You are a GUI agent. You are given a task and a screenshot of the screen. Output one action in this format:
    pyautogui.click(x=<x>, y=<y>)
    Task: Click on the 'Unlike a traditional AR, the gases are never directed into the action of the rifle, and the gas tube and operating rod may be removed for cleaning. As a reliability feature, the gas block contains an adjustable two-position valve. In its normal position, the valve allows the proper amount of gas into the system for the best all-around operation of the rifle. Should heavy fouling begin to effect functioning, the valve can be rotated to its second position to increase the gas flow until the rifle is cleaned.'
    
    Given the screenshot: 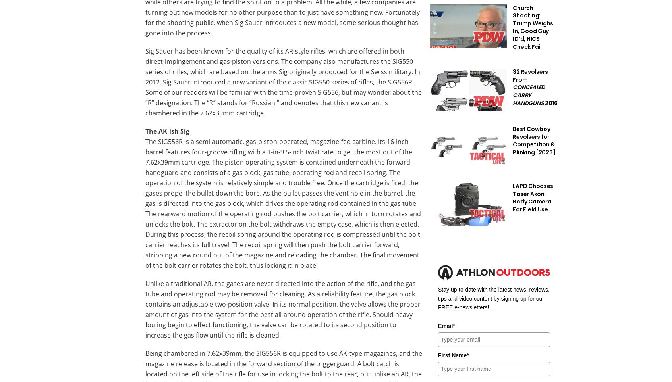 What is the action you would take?
    pyautogui.click(x=282, y=309)
    